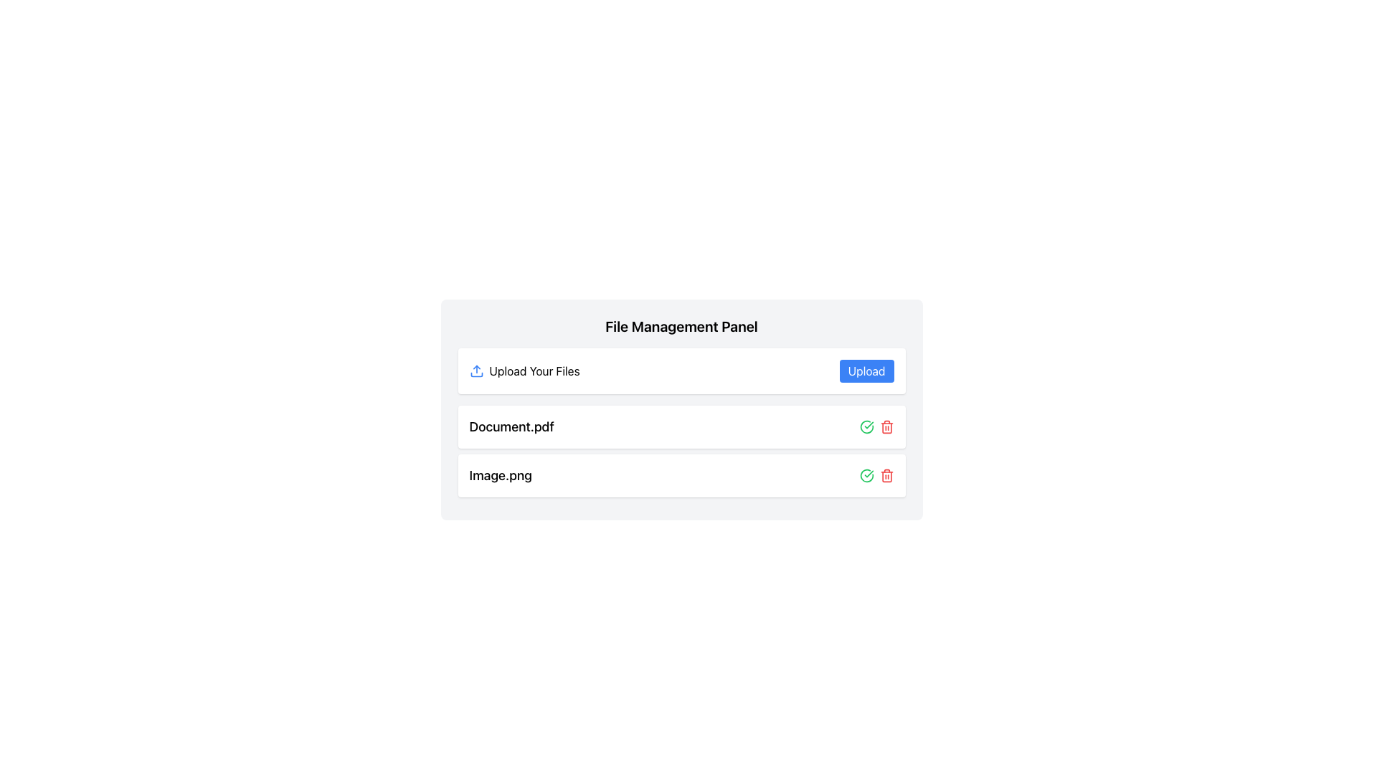 This screenshot has height=774, width=1377. I want to click on the horizontal bar at the base of the upload icon in the 'Upload Your Files' button located at the top-left corner of the file management panel header, so click(476, 374).